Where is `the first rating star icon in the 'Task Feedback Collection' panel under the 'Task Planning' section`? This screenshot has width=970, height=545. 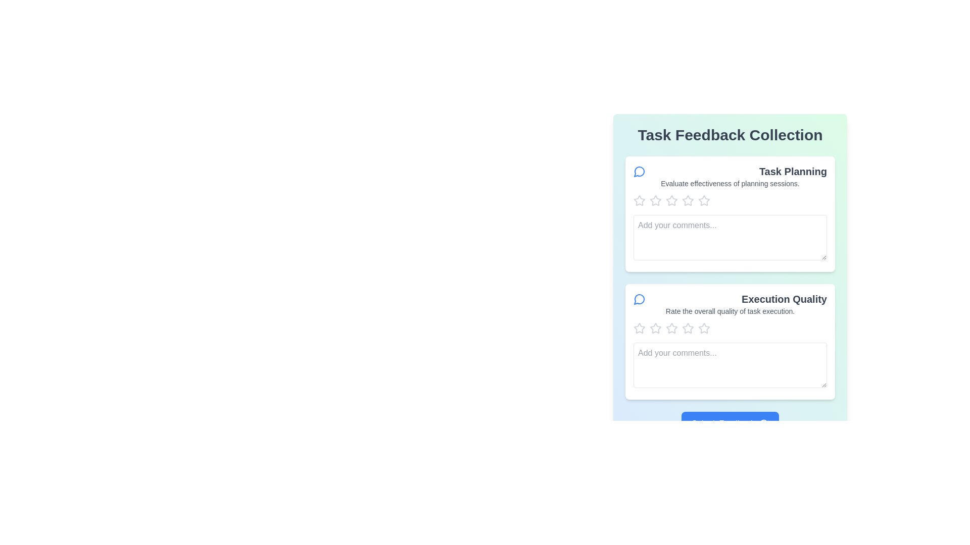 the first rating star icon in the 'Task Feedback Collection' panel under the 'Task Planning' section is located at coordinates (639, 200).